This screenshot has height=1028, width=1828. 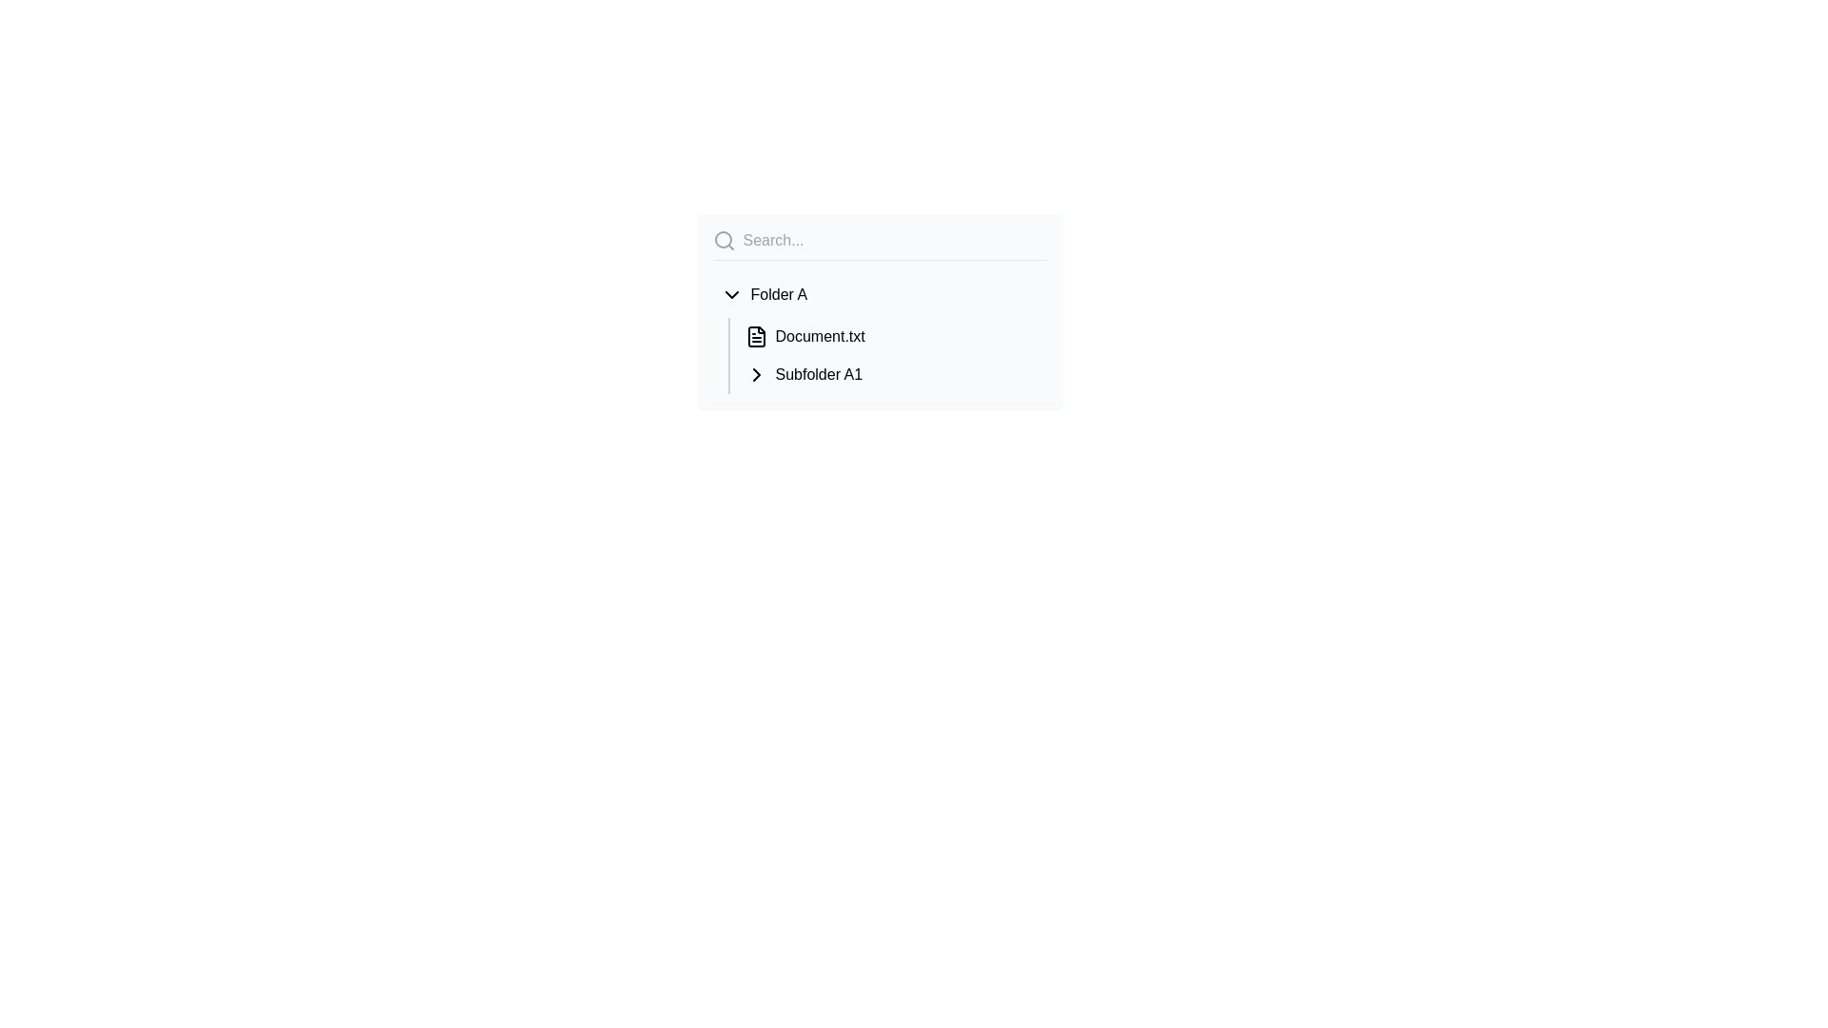 What do you see at coordinates (755, 374) in the screenshot?
I see `the Chevron icon, which serves as a toggle to expand or collapse the 'Subfolder A1' view` at bounding box center [755, 374].